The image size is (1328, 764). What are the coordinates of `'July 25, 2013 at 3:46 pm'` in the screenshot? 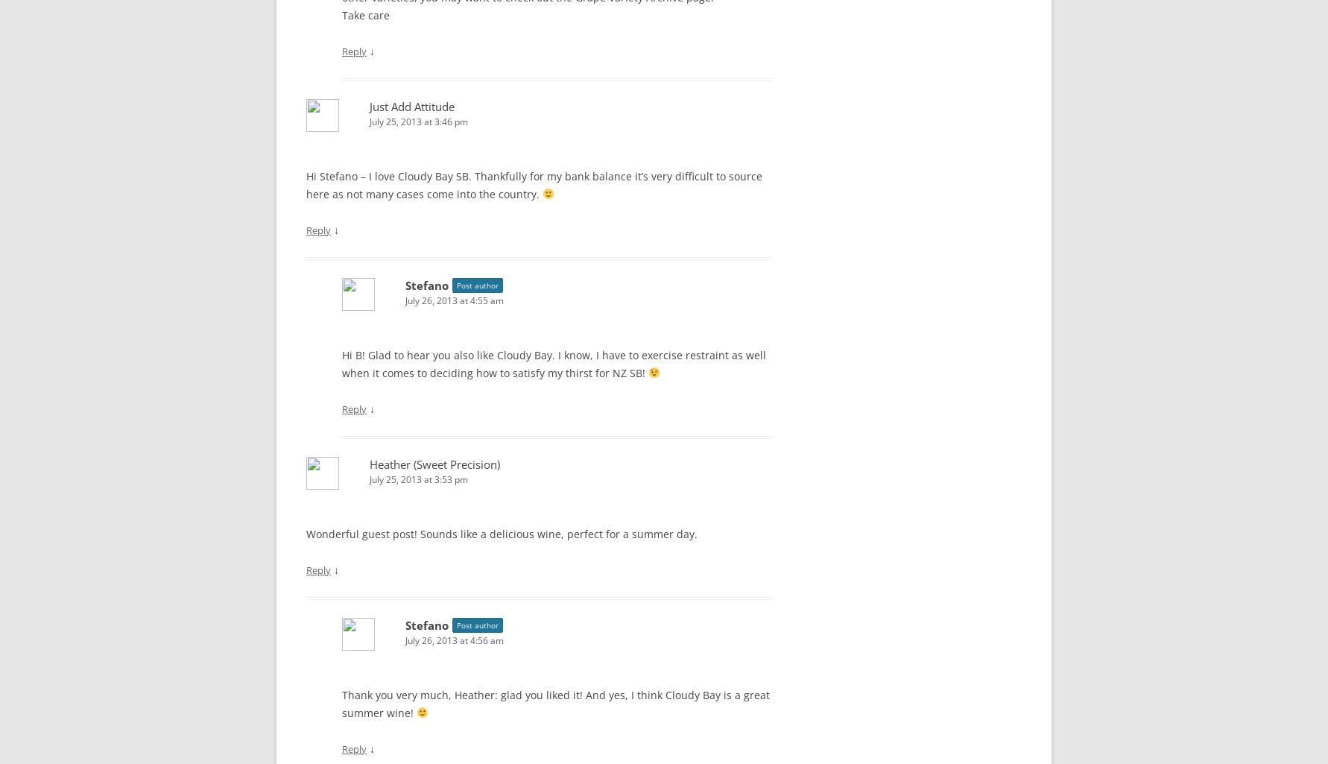 It's located at (419, 121).